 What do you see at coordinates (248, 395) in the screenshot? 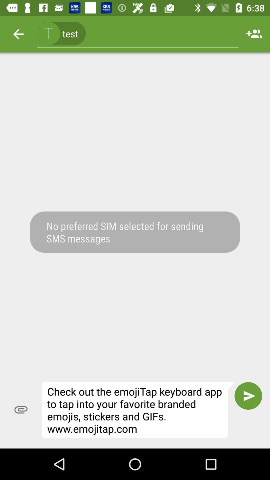
I see `icon to the right of check out the` at bounding box center [248, 395].